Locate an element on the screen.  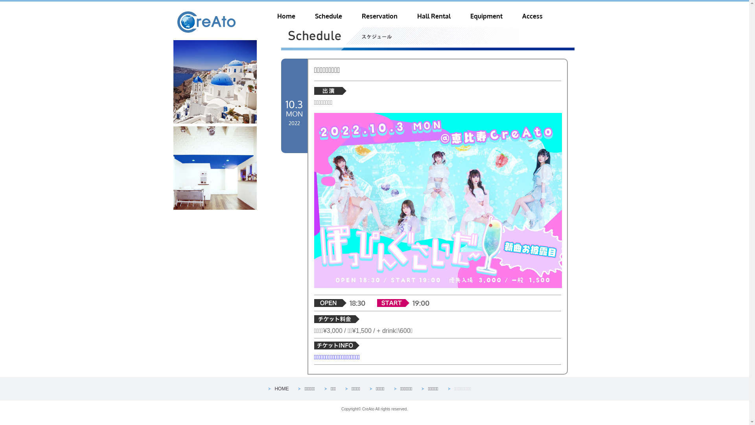
'Equipment' is located at coordinates (486, 16).